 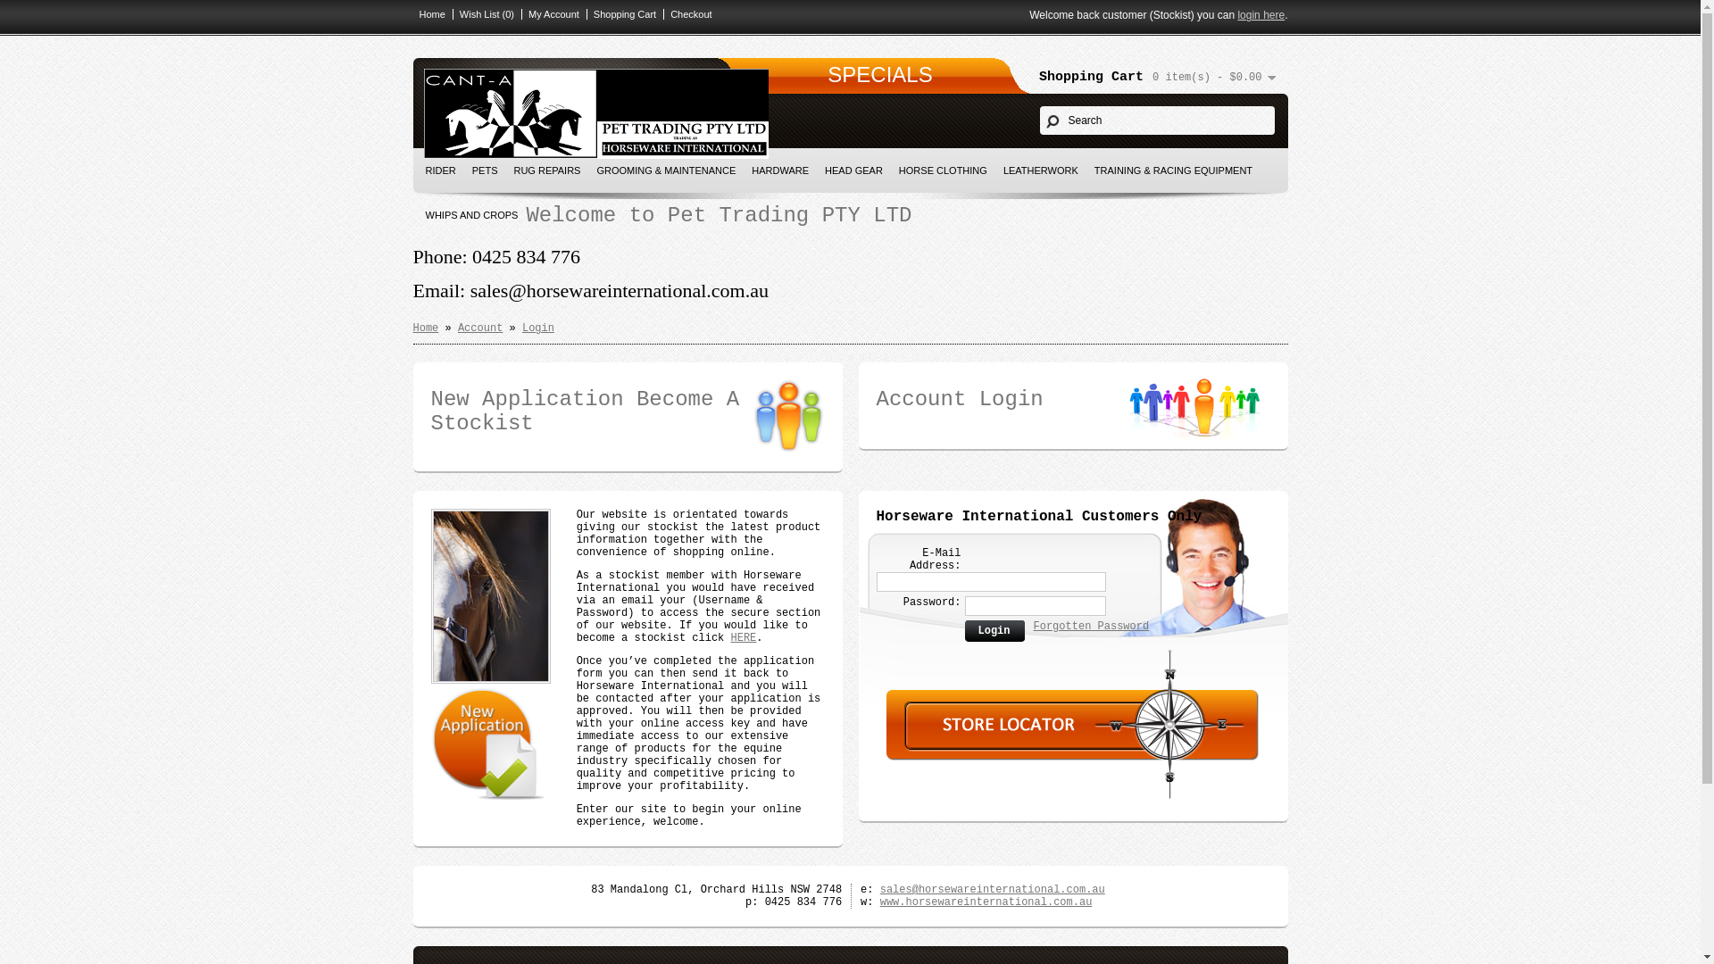 What do you see at coordinates (485, 170) in the screenshot?
I see `'PETS'` at bounding box center [485, 170].